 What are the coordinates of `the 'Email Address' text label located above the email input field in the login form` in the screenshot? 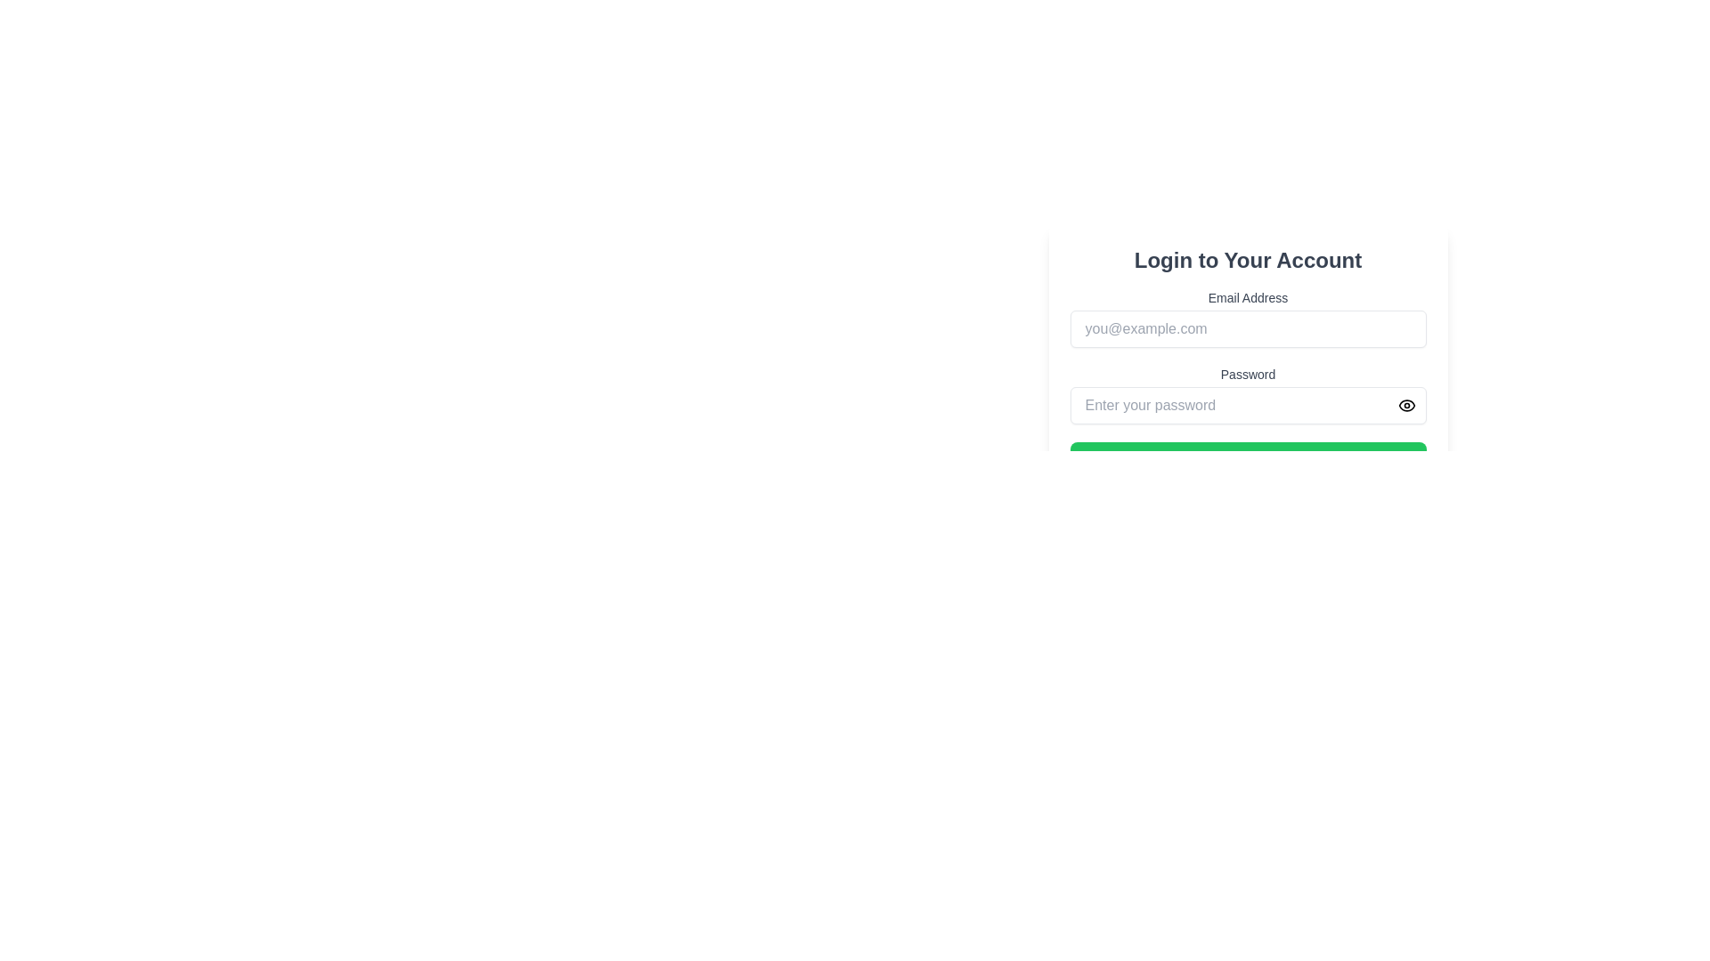 It's located at (1247, 297).